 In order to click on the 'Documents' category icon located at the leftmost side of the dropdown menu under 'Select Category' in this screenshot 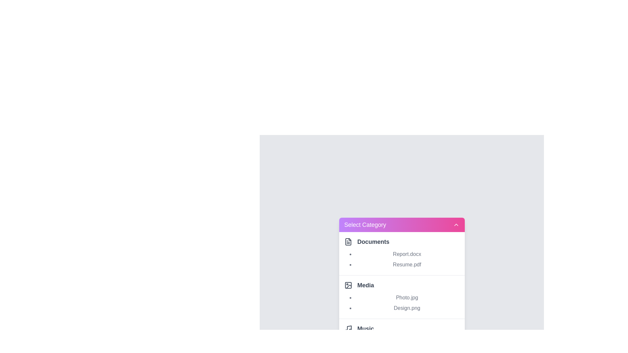, I will do `click(348, 242)`.